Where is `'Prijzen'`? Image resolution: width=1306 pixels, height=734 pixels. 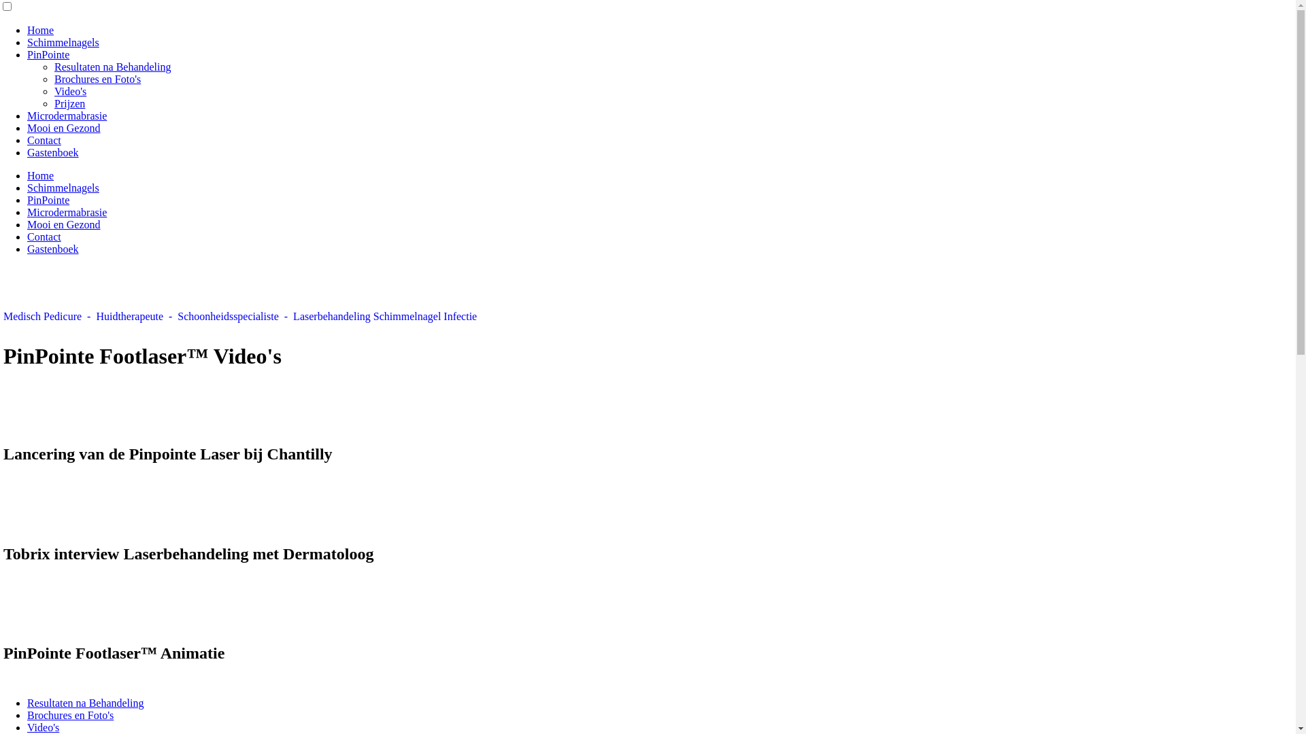
'Prijzen' is located at coordinates (54, 103).